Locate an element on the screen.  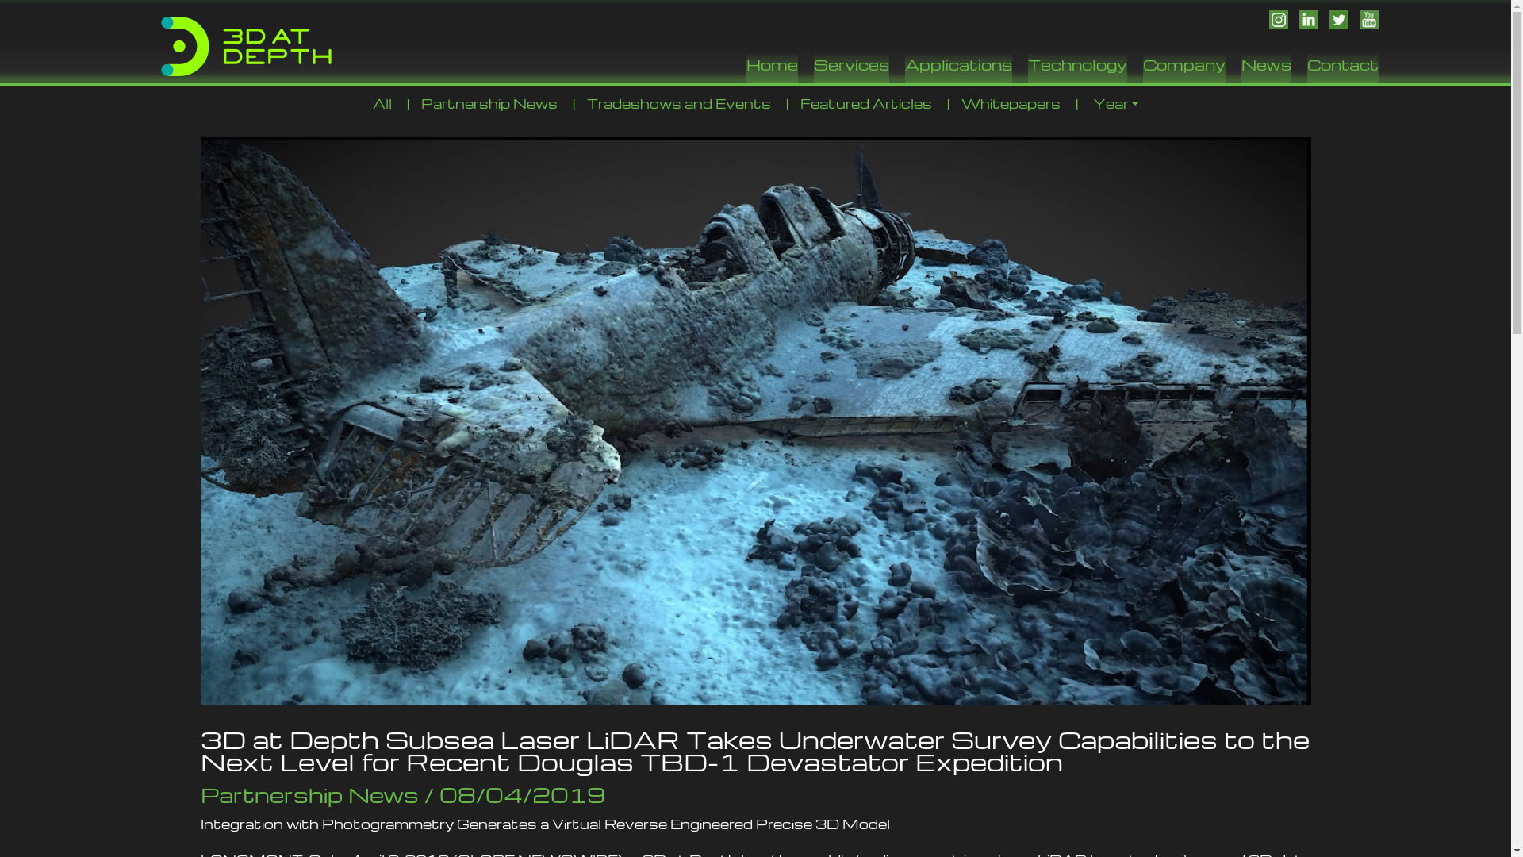
'Contact' is located at coordinates (1306, 67).